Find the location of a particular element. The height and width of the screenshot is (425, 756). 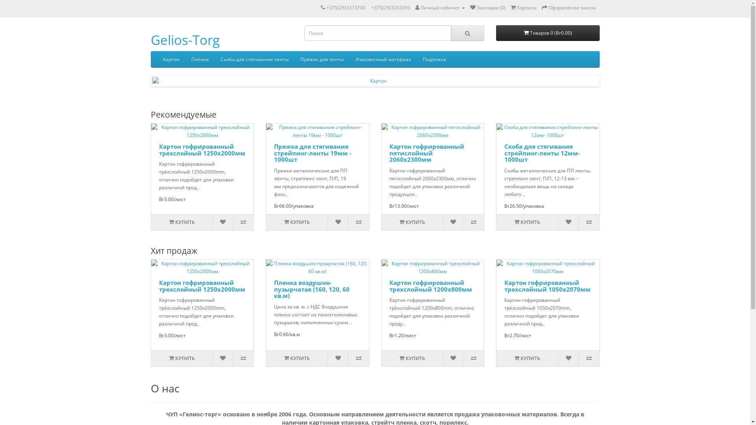

'+375(29)3202393' is located at coordinates (370, 7).